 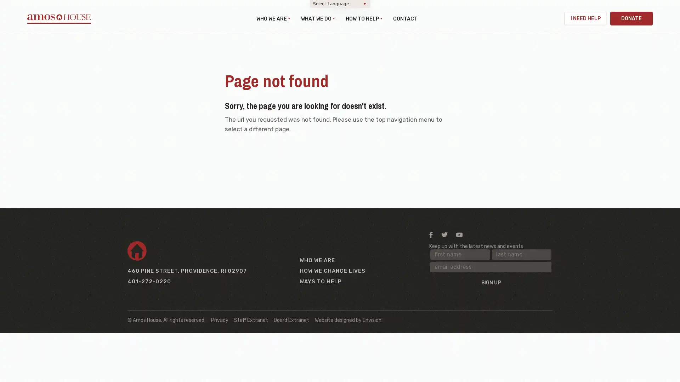 I want to click on Sign up, so click(x=491, y=285).